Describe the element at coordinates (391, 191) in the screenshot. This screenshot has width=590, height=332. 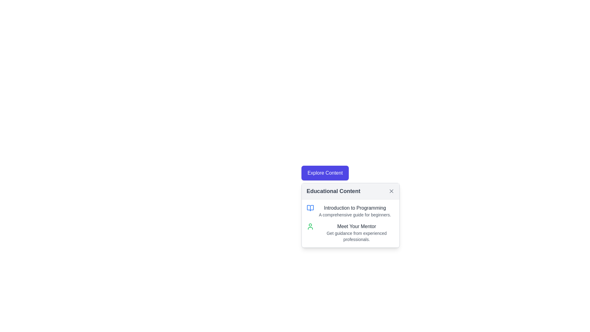
I see `the close button icon located in the upper-right corner of the 'Educational Content' box` at that location.